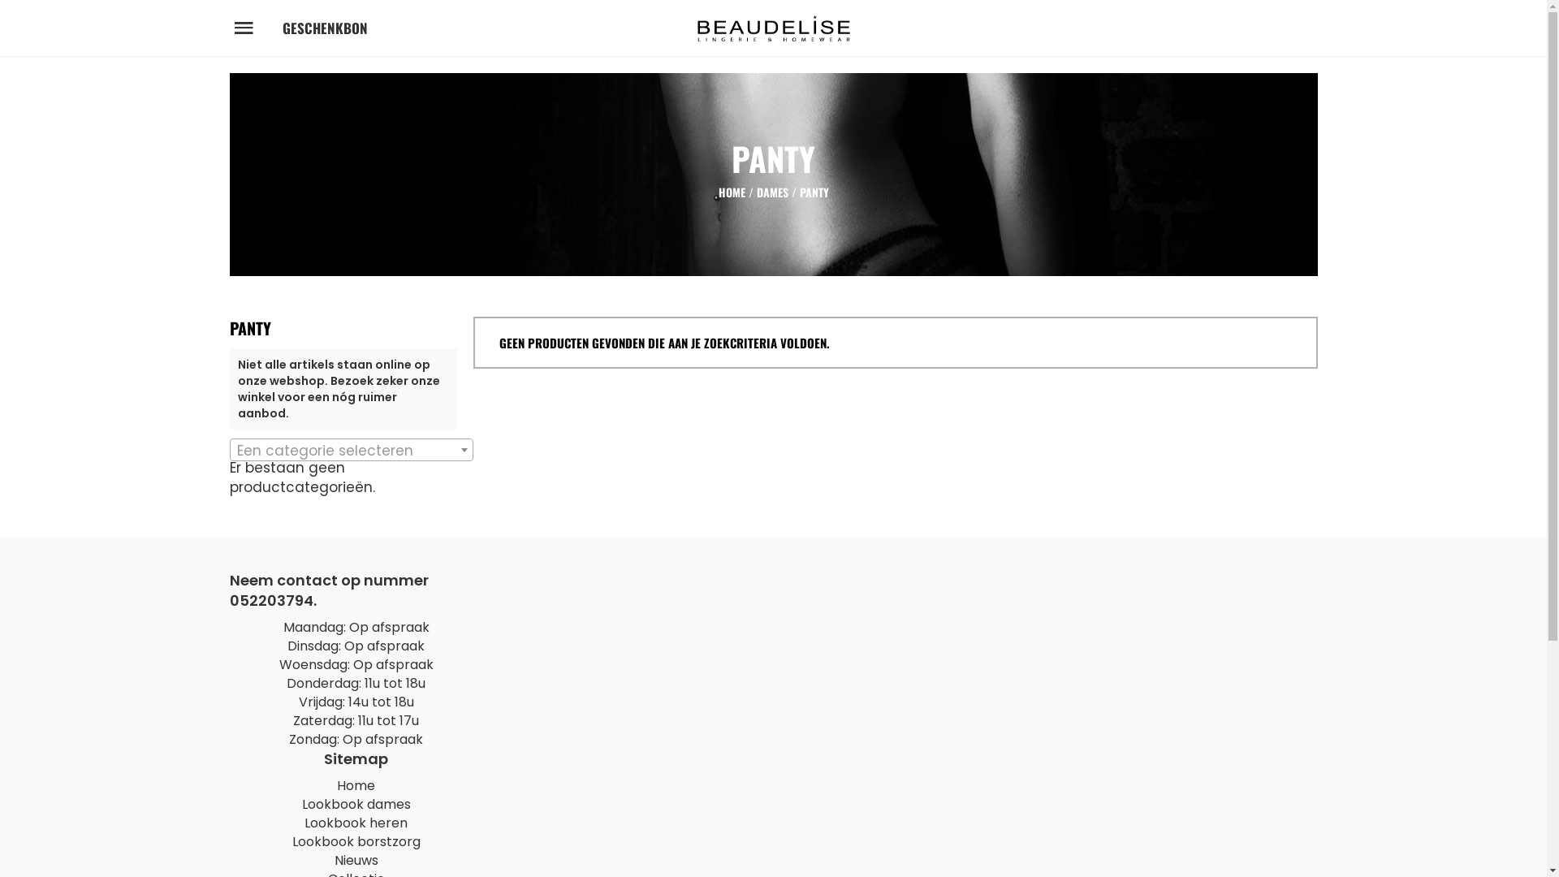 The image size is (1559, 877). What do you see at coordinates (355, 859) in the screenshot?
I see `'Nieuws'` at bounding box center [355, 859].